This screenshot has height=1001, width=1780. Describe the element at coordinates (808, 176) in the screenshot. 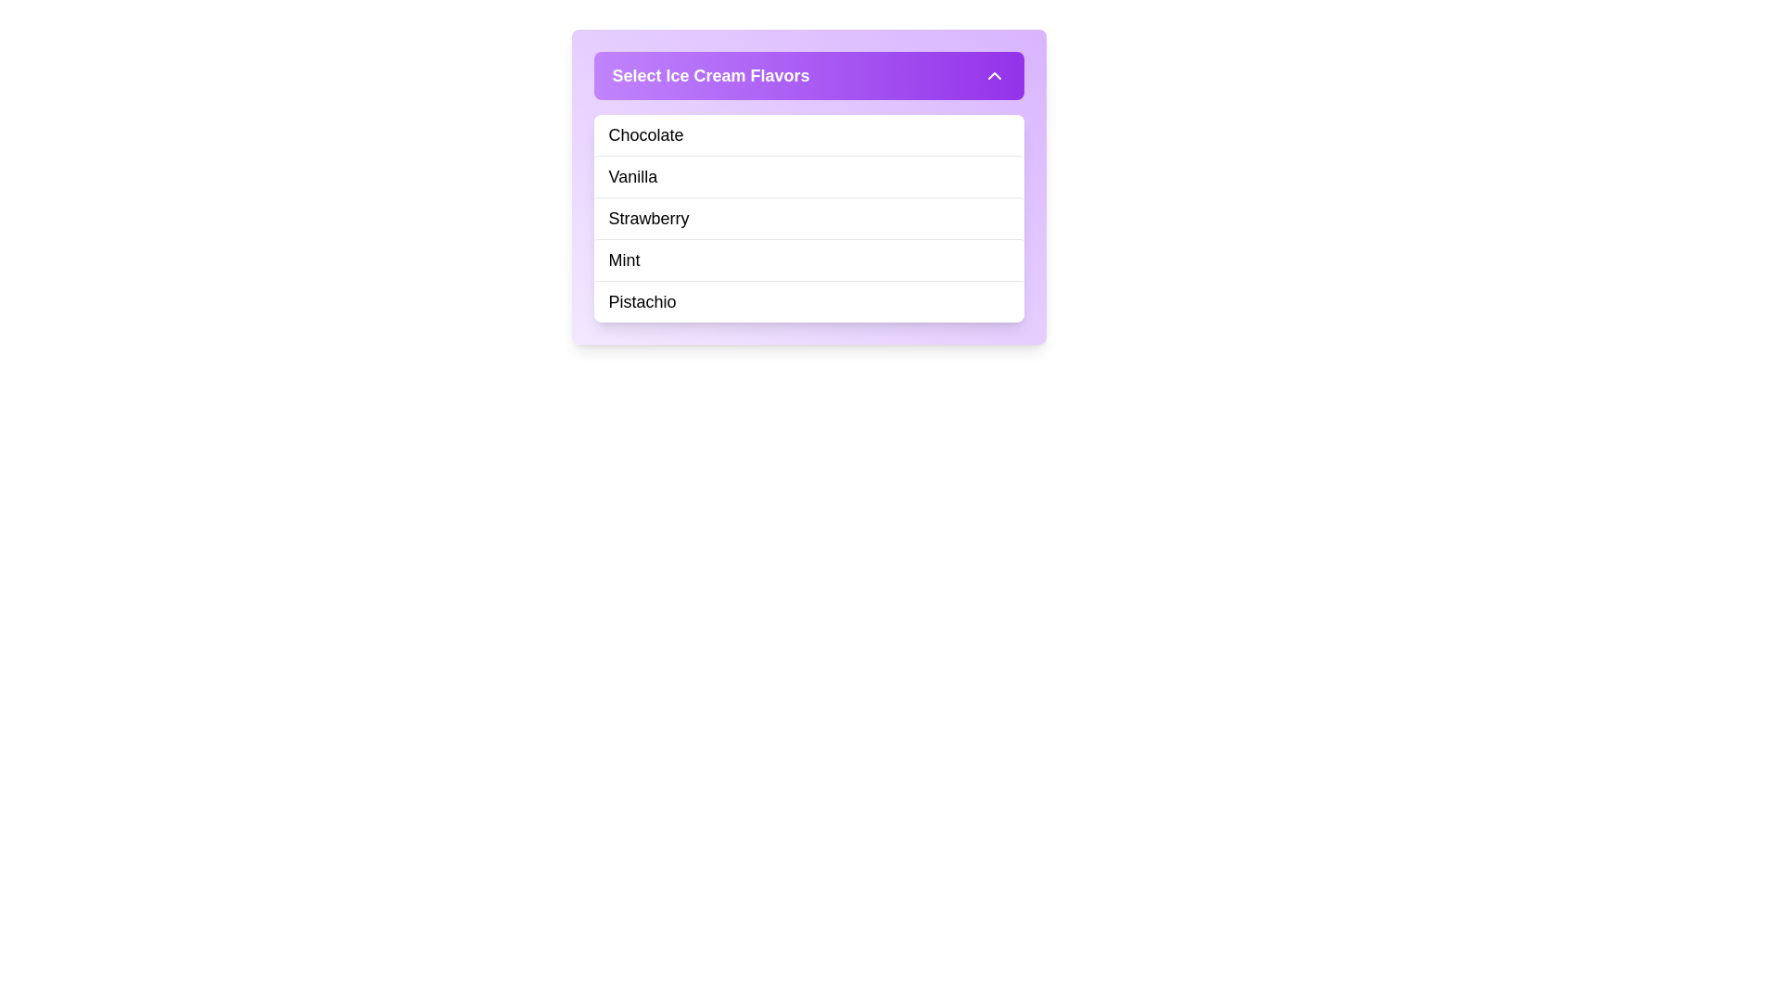

I see `the 'Vanilla' button in the dropdown menu` at that location.